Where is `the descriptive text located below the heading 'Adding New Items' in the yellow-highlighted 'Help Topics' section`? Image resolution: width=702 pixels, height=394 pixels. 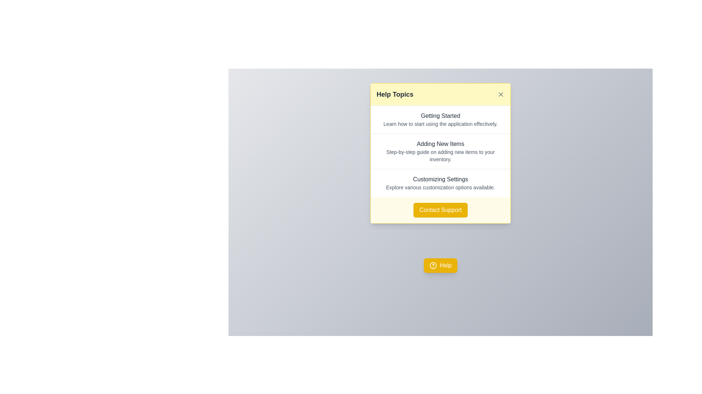
the descriptive text located below the heading 'Adding New Items' in the yellow-highlighted 'Help Topics' section is located at coordinates (440, 155).